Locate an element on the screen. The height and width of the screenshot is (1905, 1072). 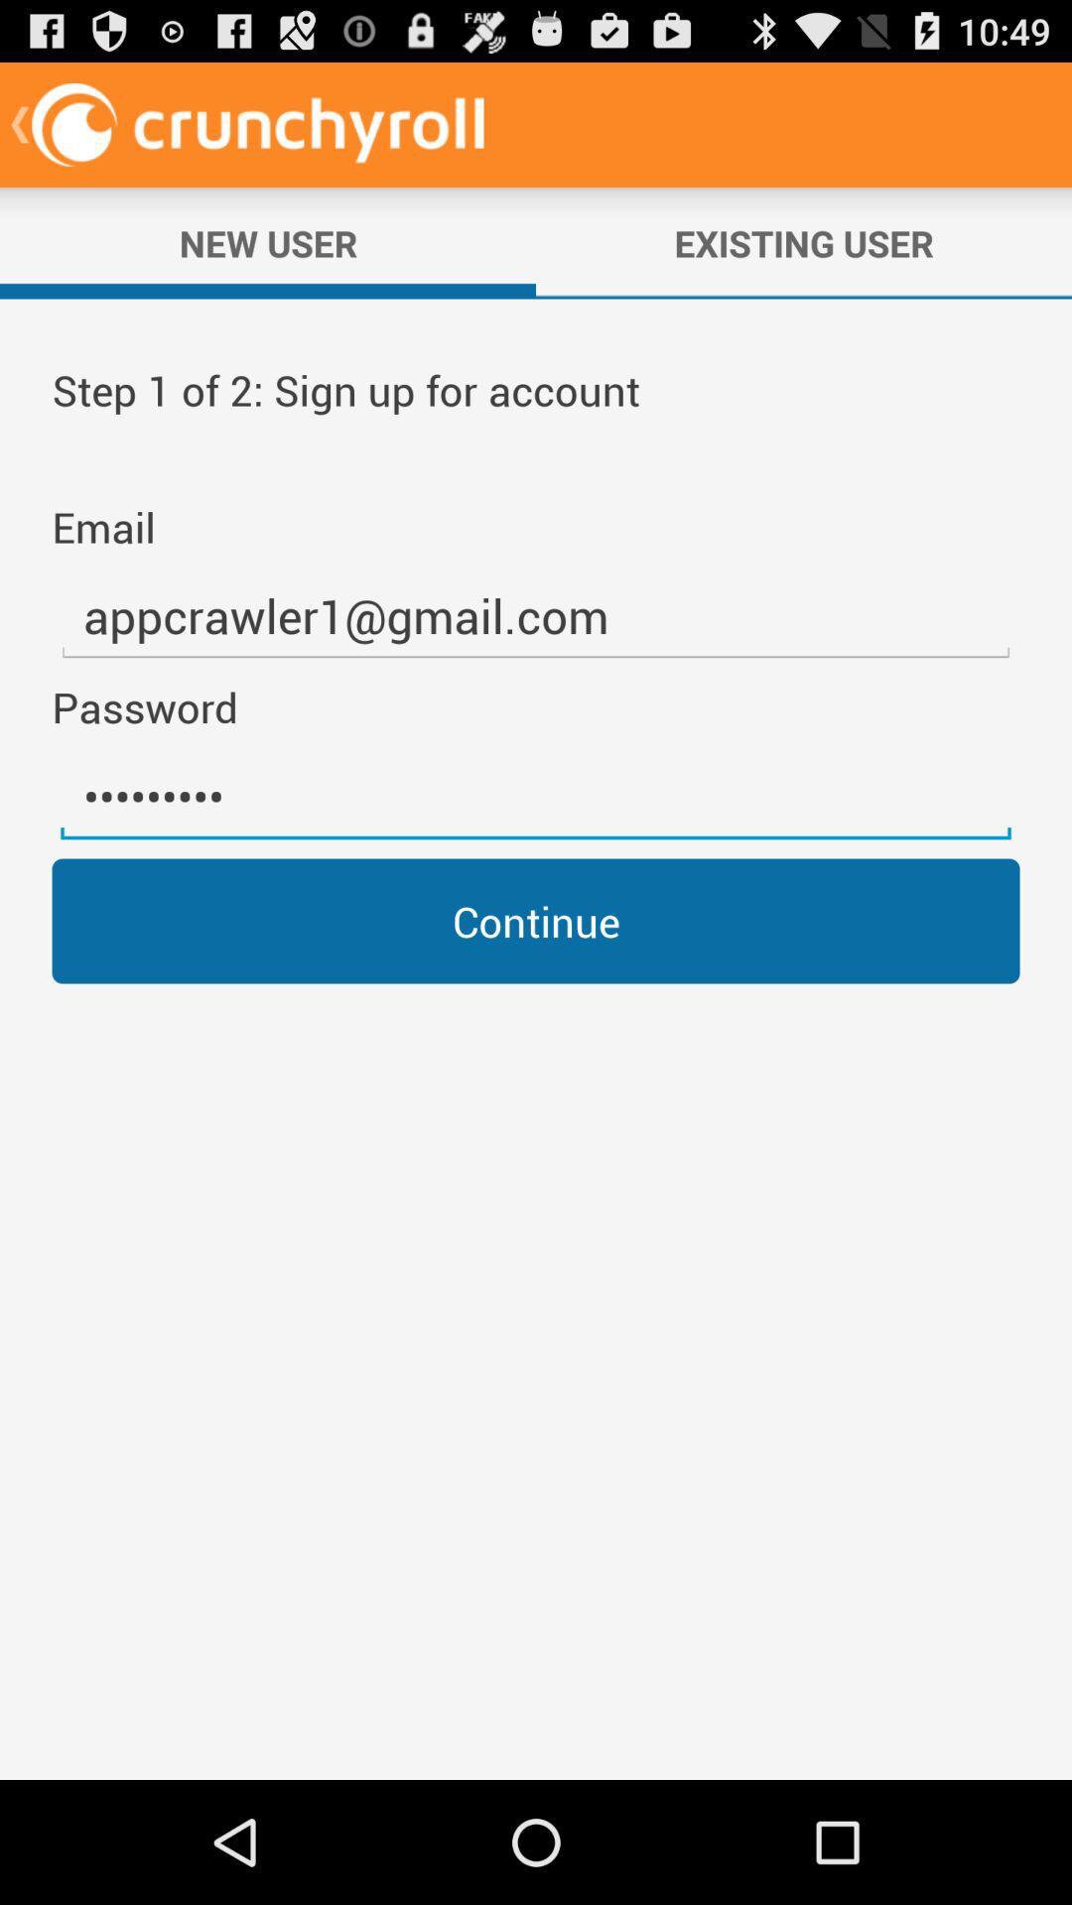
the crowd3116 icon is located at coordinates (536, 797).